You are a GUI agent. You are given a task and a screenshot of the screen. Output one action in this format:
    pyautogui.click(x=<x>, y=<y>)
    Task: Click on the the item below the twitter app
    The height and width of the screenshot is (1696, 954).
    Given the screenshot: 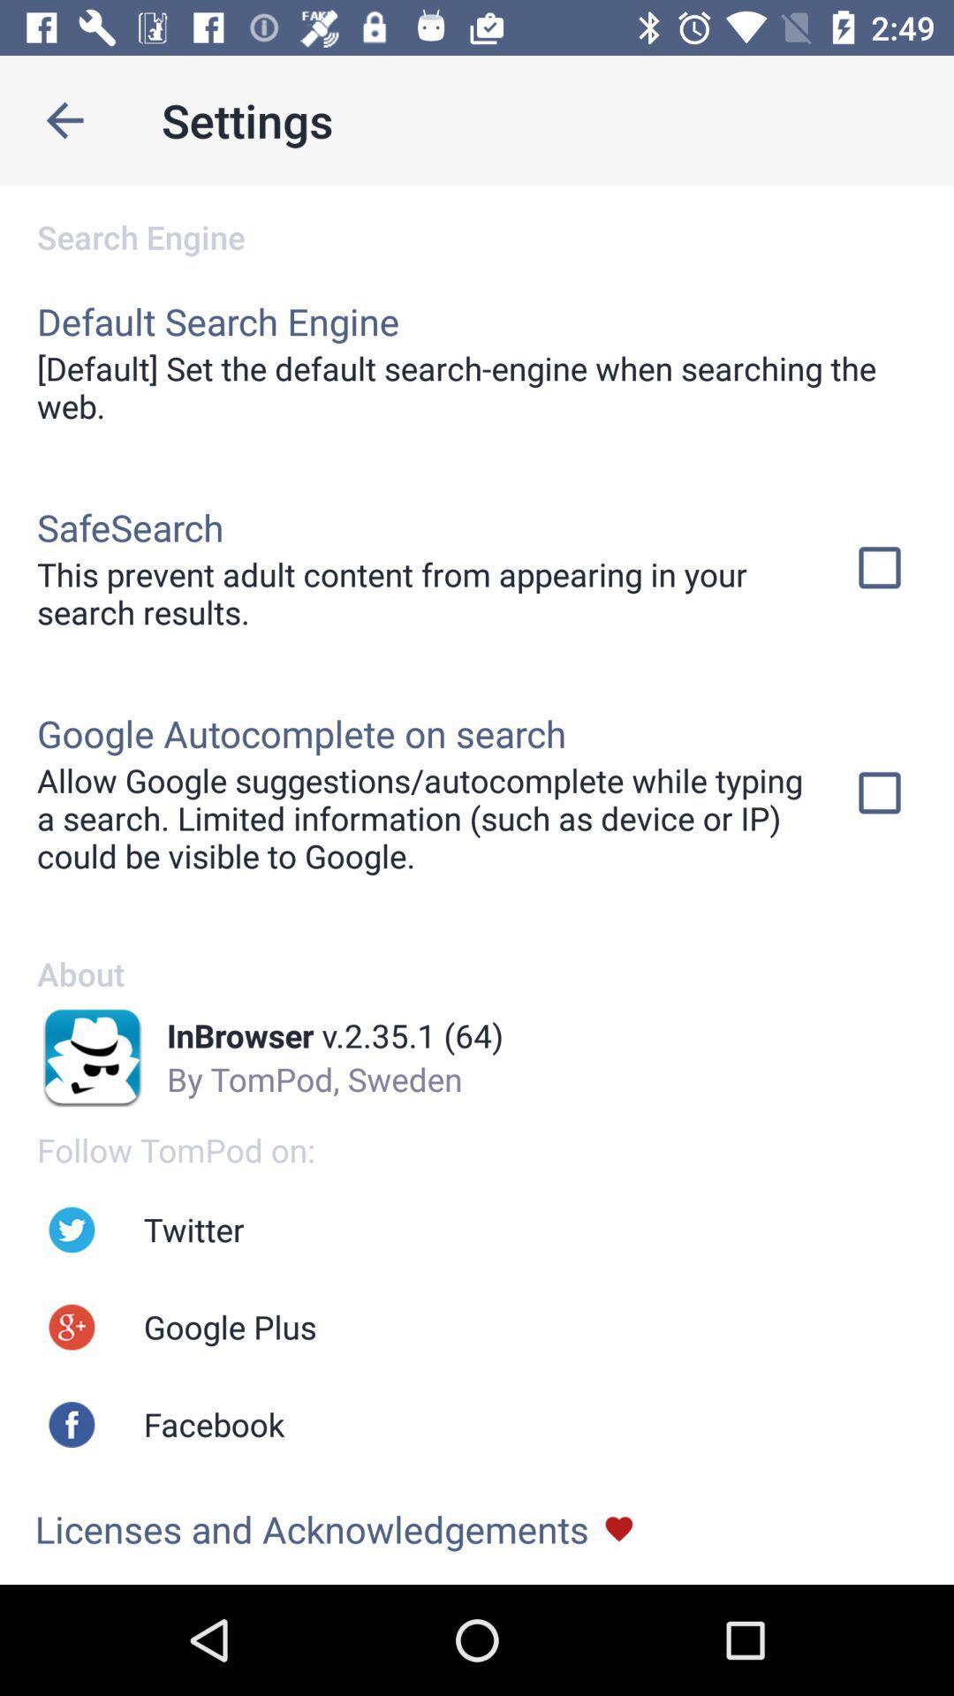 What is the action you would take?
    pyautogui.click(x=229, y=1327)
    